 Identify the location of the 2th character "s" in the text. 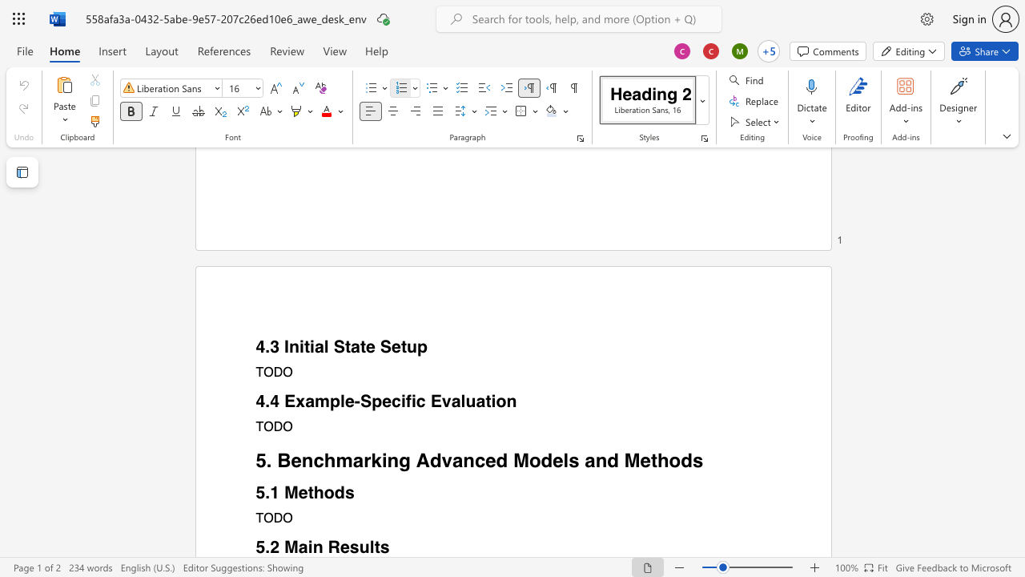
(384, 547).